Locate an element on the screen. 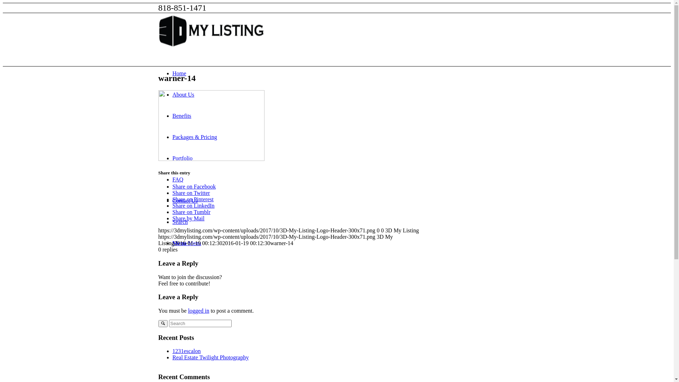 The height and width of the screenshot is (382, 679). 'Menu Menu' is located at coordinates (187, 243).